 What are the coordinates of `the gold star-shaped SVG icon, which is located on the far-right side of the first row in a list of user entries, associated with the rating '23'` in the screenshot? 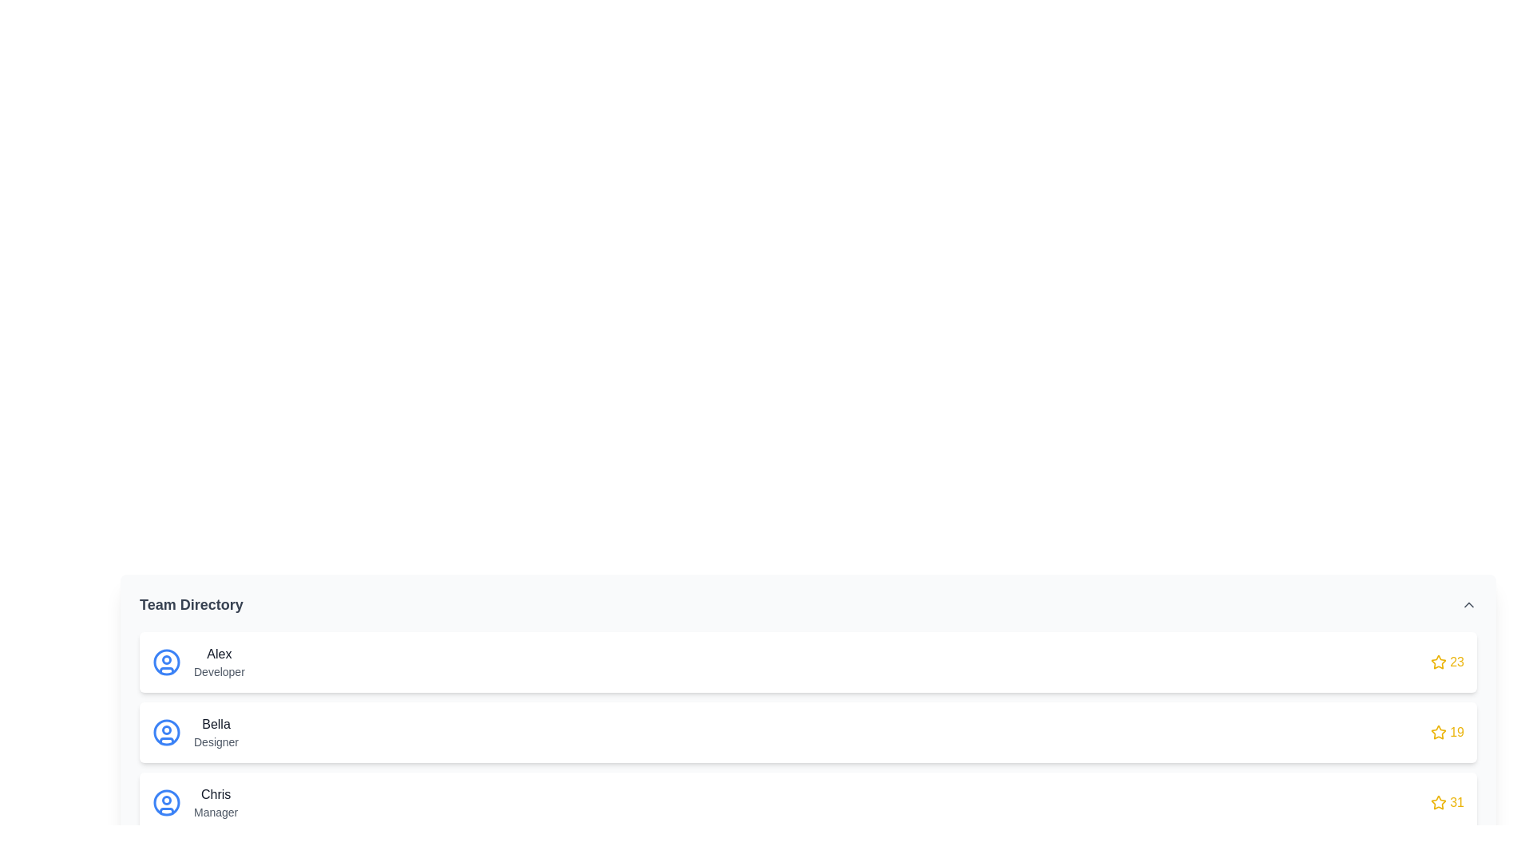 It's located at (1439, 662).